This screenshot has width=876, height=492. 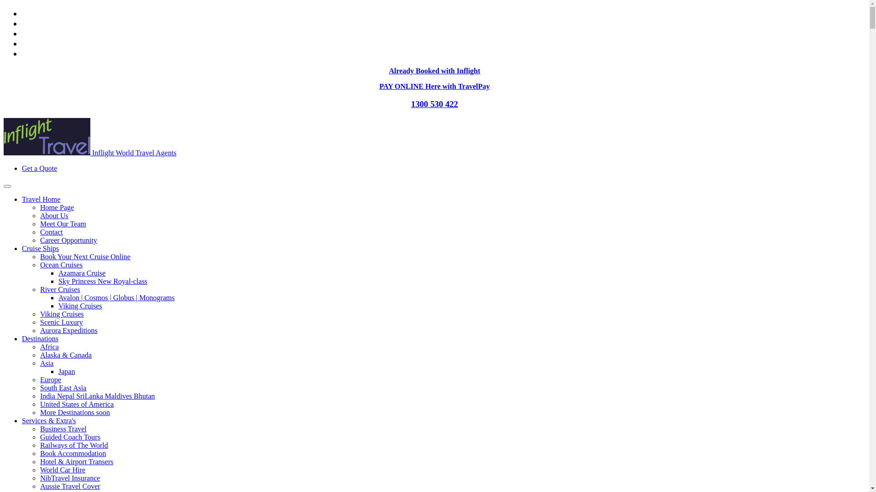 I want to click on 'Africa', so click(x=39, y=347).